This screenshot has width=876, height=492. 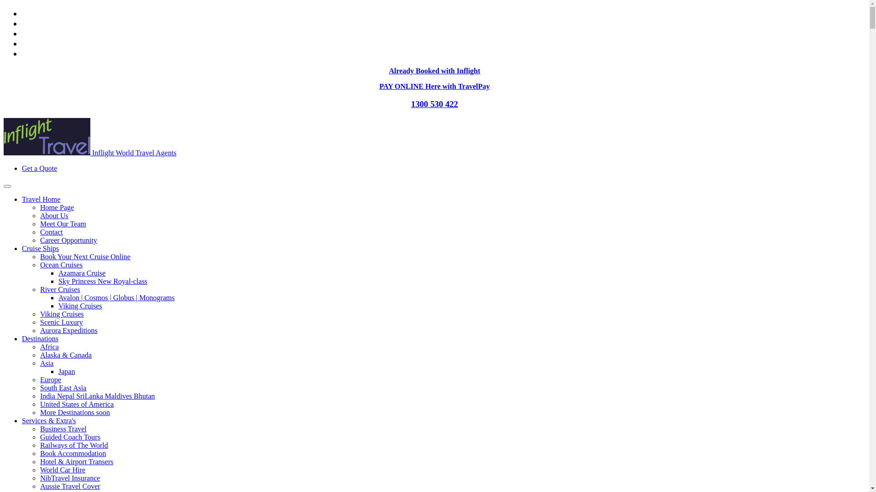 I want to click on 'Africa', so click(x=39, y=347).